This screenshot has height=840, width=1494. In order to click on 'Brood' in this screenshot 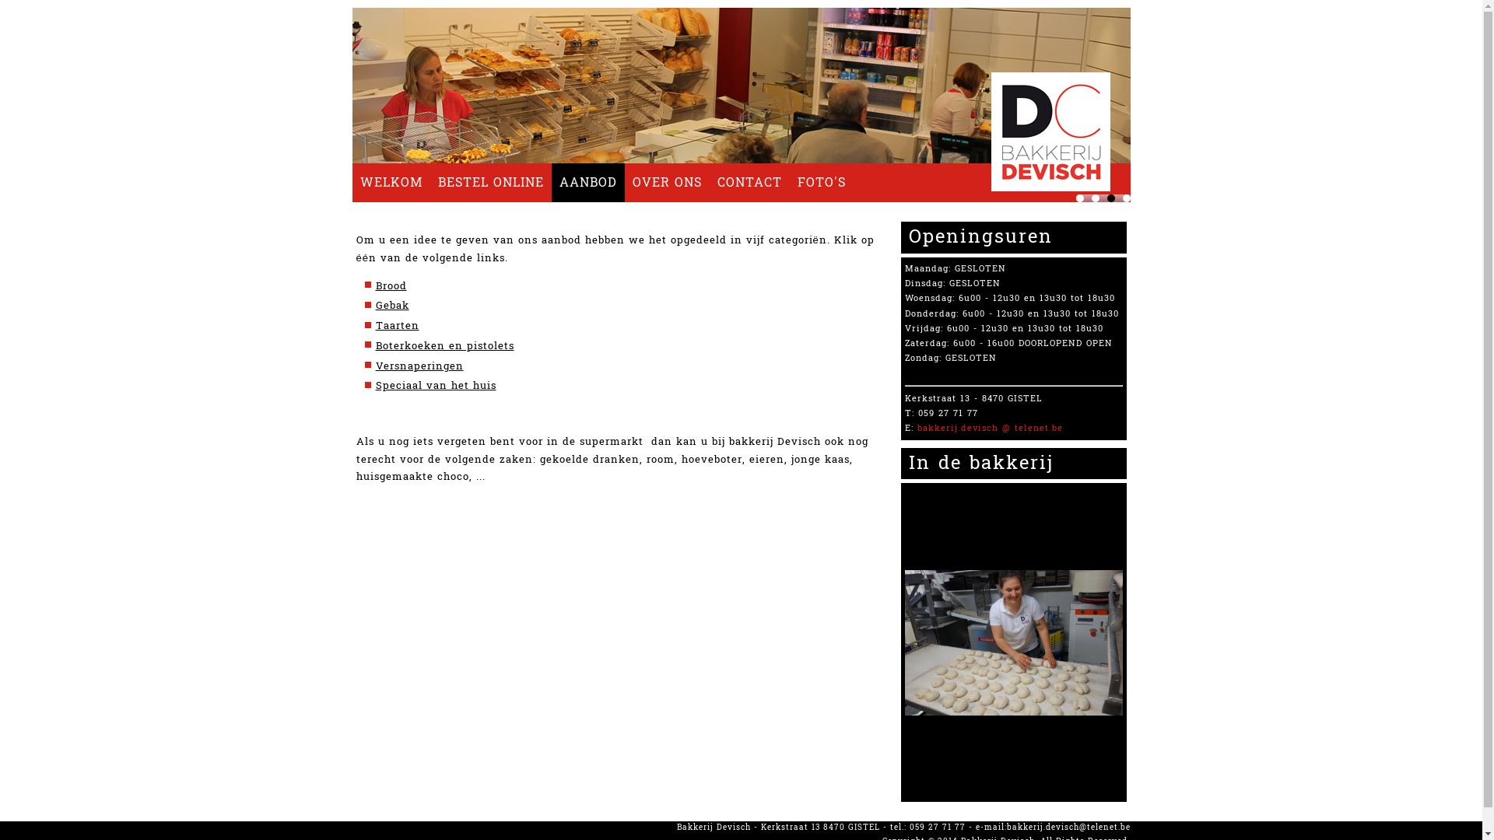, I will do `click(374, 285)`.